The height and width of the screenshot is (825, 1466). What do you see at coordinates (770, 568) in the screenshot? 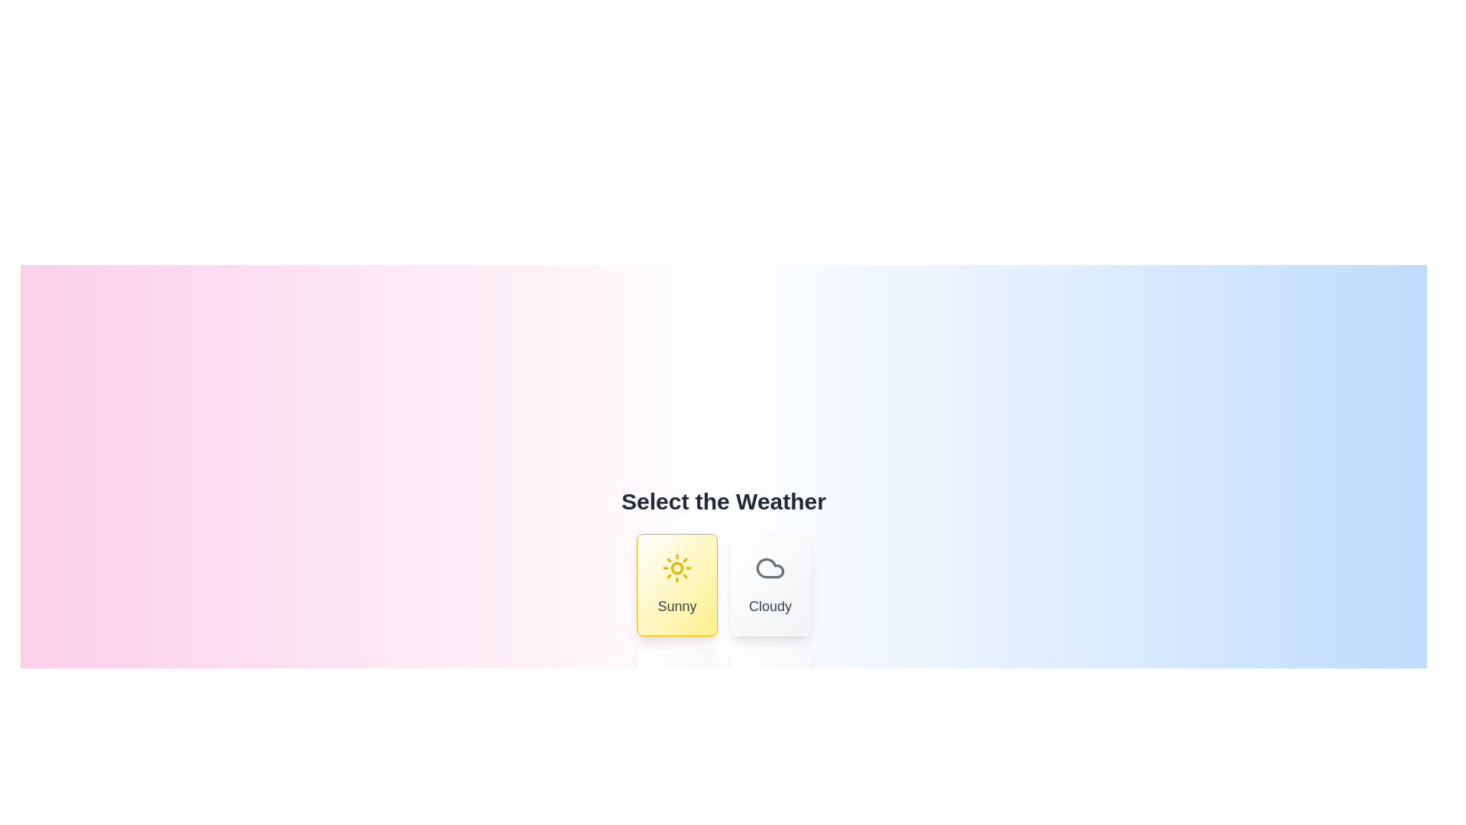
I see `the 'Cloudy' weather icon located in the second card of the weather selection interface` at bounding box center [770, 568].